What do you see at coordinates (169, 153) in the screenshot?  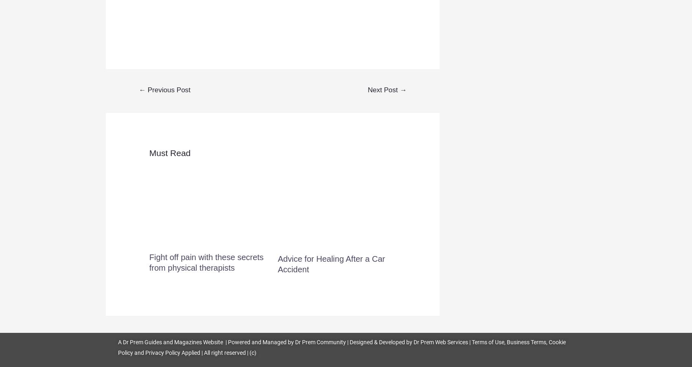 I see `'Must Read'` at bounding box center [169, 153].